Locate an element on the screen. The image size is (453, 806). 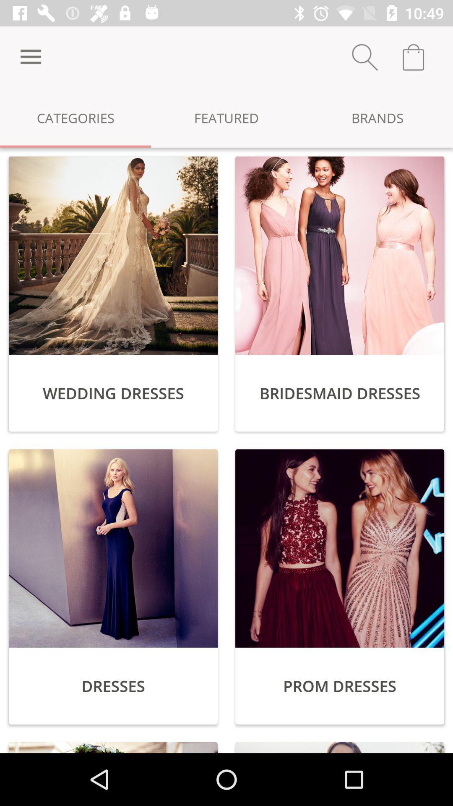
icon to the left of the featured item is located at coordinates (75, 117).